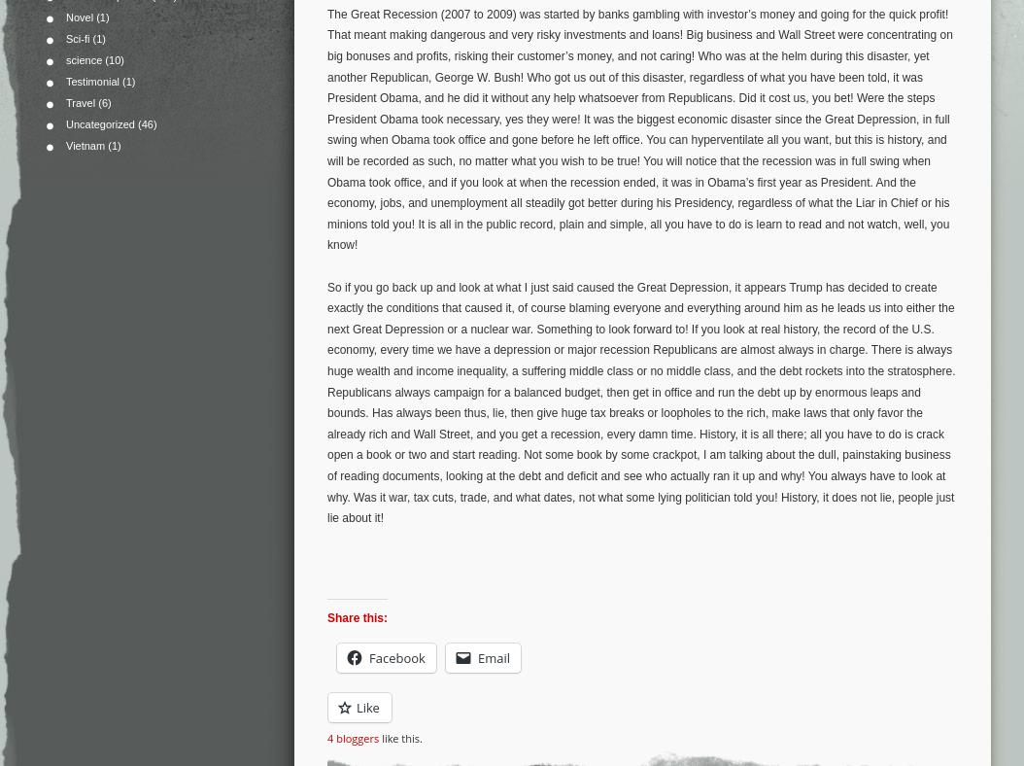 This screenshot has width=1024, height=766. What do you see at coordinates (145, 123) in the screenshot?
I see `'(46)'` at bounding box center [145, 123].